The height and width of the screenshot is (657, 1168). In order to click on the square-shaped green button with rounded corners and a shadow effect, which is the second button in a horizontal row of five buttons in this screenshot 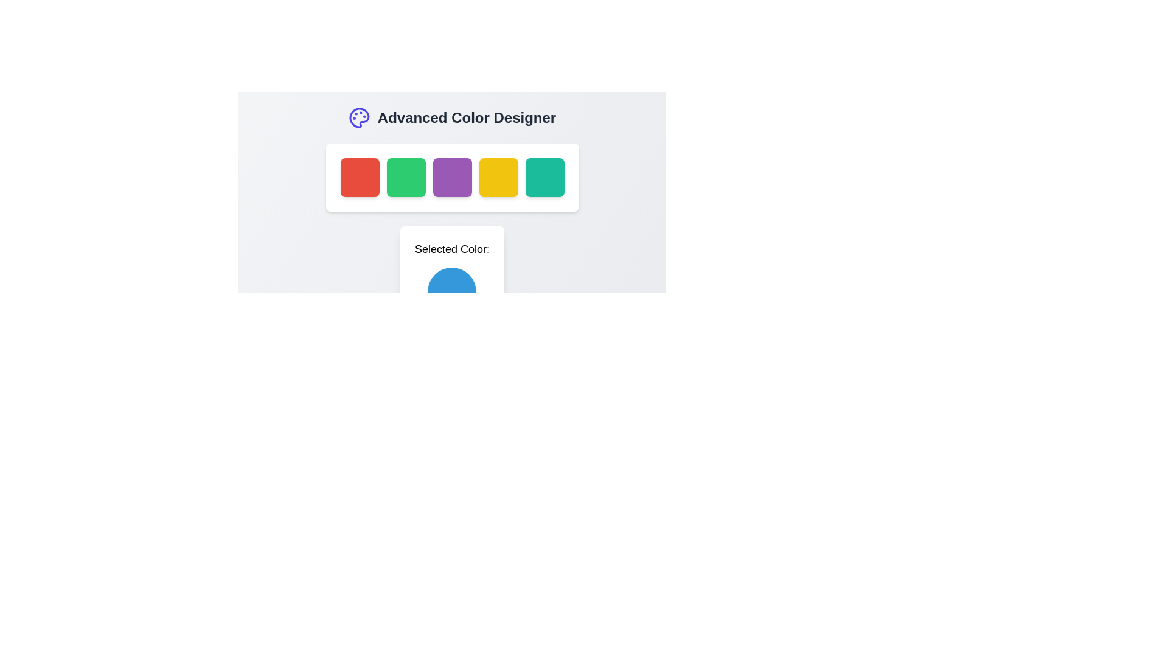, I will do `click(406, 178)`.